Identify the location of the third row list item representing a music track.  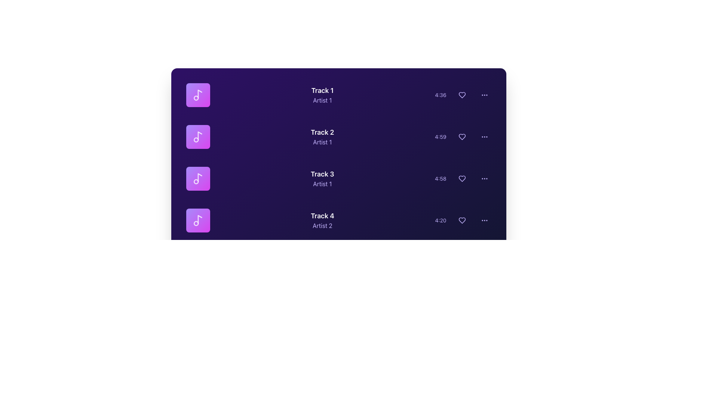
(338, 178).